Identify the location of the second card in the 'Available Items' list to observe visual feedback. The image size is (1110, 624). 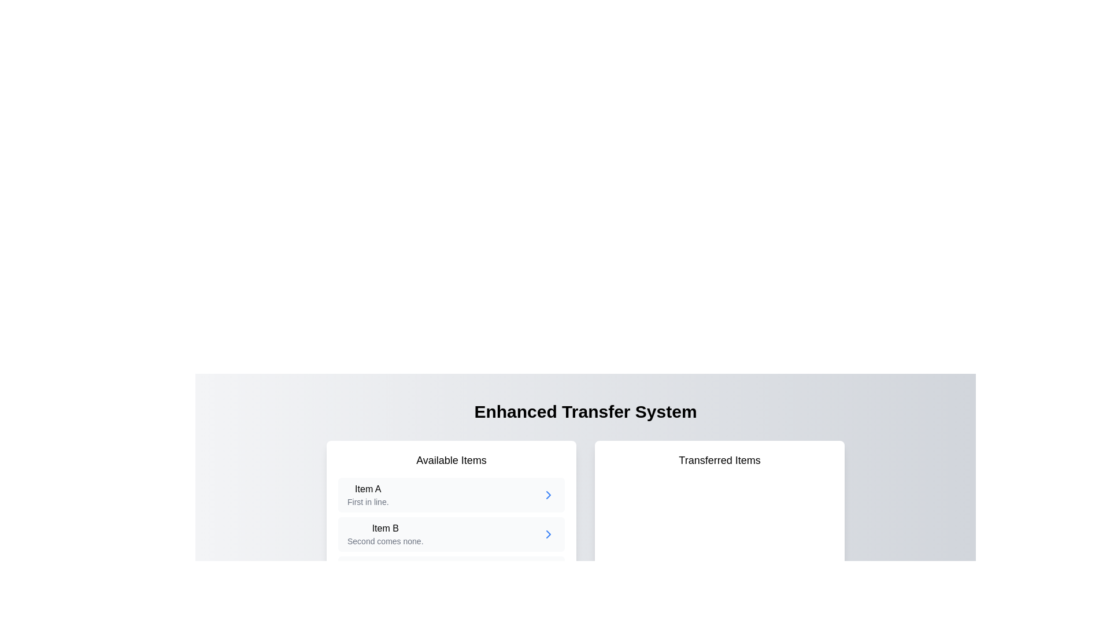
(451, 534).